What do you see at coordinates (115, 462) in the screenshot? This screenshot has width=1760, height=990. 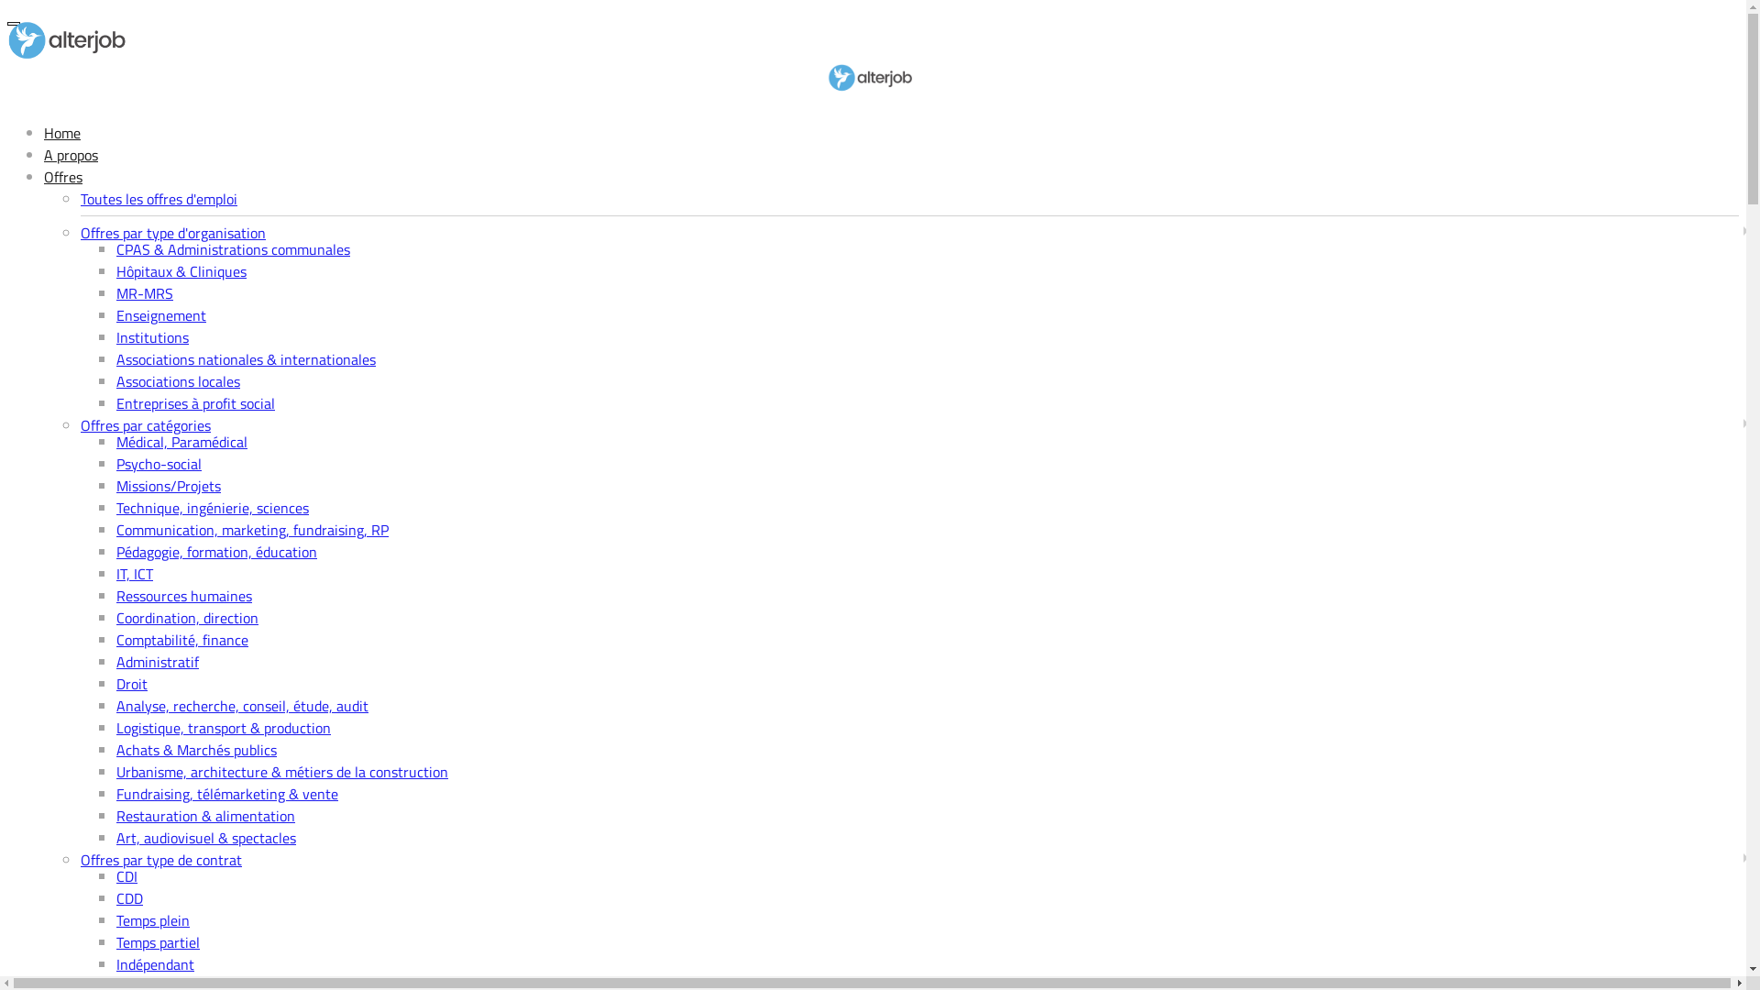 I see `'Psycho-social'` at bounding box center [115, 462].